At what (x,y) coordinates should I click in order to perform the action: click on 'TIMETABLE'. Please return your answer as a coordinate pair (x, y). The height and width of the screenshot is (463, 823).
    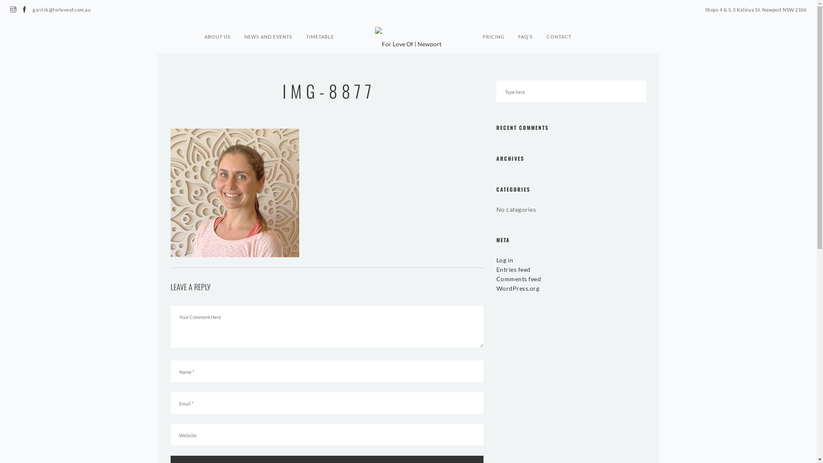
    Looking at the image, I should click on (319, 32).